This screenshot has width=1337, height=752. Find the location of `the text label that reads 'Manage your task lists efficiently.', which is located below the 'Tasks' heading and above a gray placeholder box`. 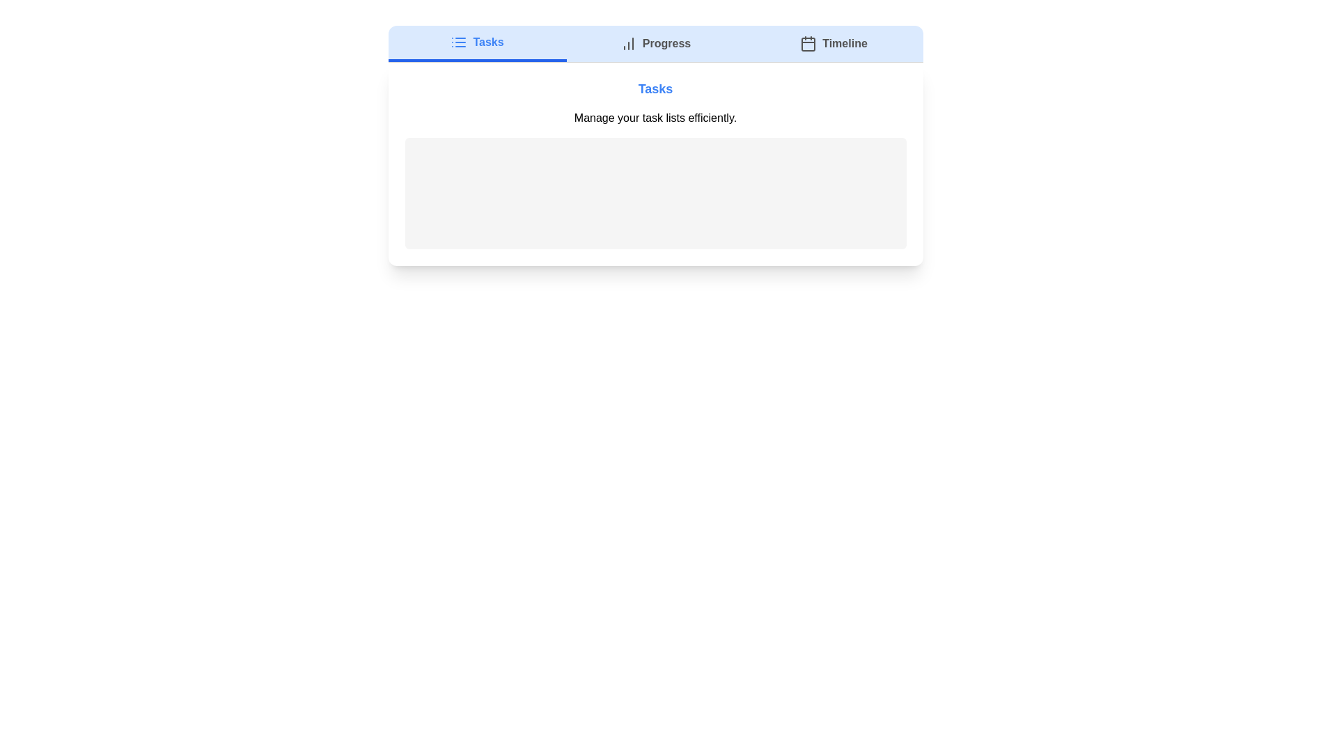

the text label that reads 'Manage your task lists efficiently.', which is located below the 'Tasks' heading and above a gray placeholder box is located at coordinates (655, 117).